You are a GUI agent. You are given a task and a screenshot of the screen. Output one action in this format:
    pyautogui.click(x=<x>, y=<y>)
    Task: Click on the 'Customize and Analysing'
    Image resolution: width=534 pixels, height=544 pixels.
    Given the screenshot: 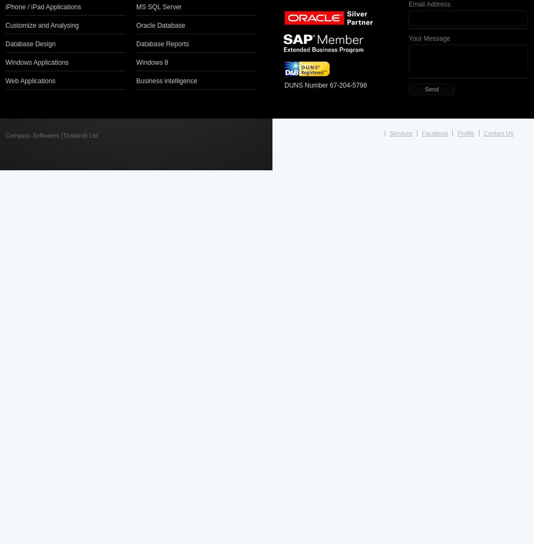 What is the action you would take?
    pyautogui.click(x=42, y=25)
    